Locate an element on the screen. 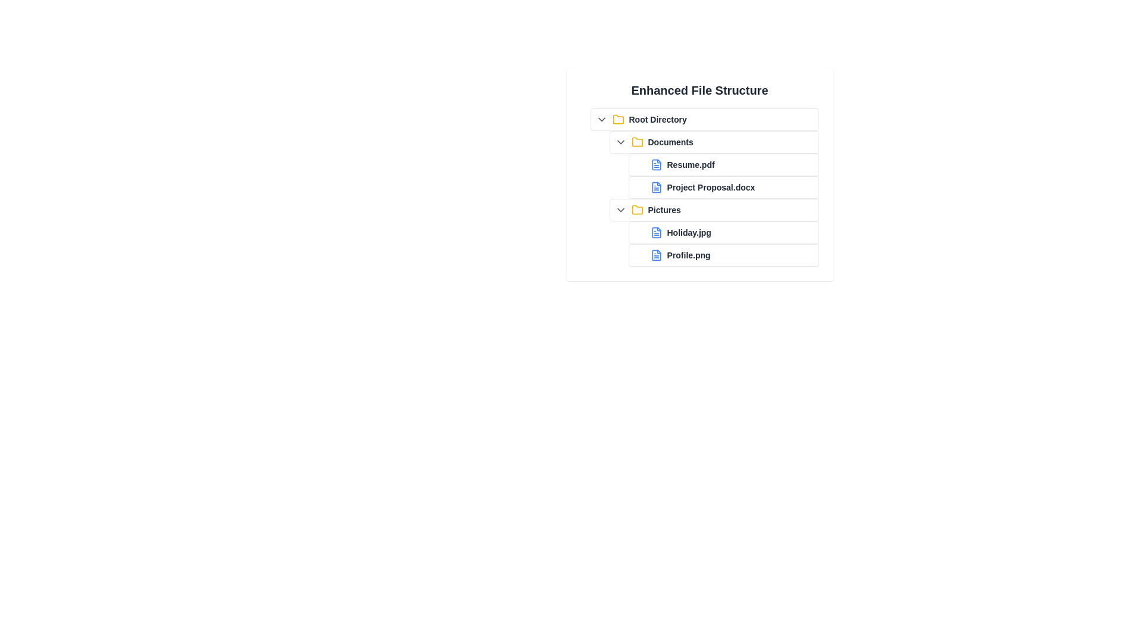 This screenshot has height=643, width=1143. the 'Project Proposal.docx' file entry in the hierarchical list is located at coordinates (699, 188).